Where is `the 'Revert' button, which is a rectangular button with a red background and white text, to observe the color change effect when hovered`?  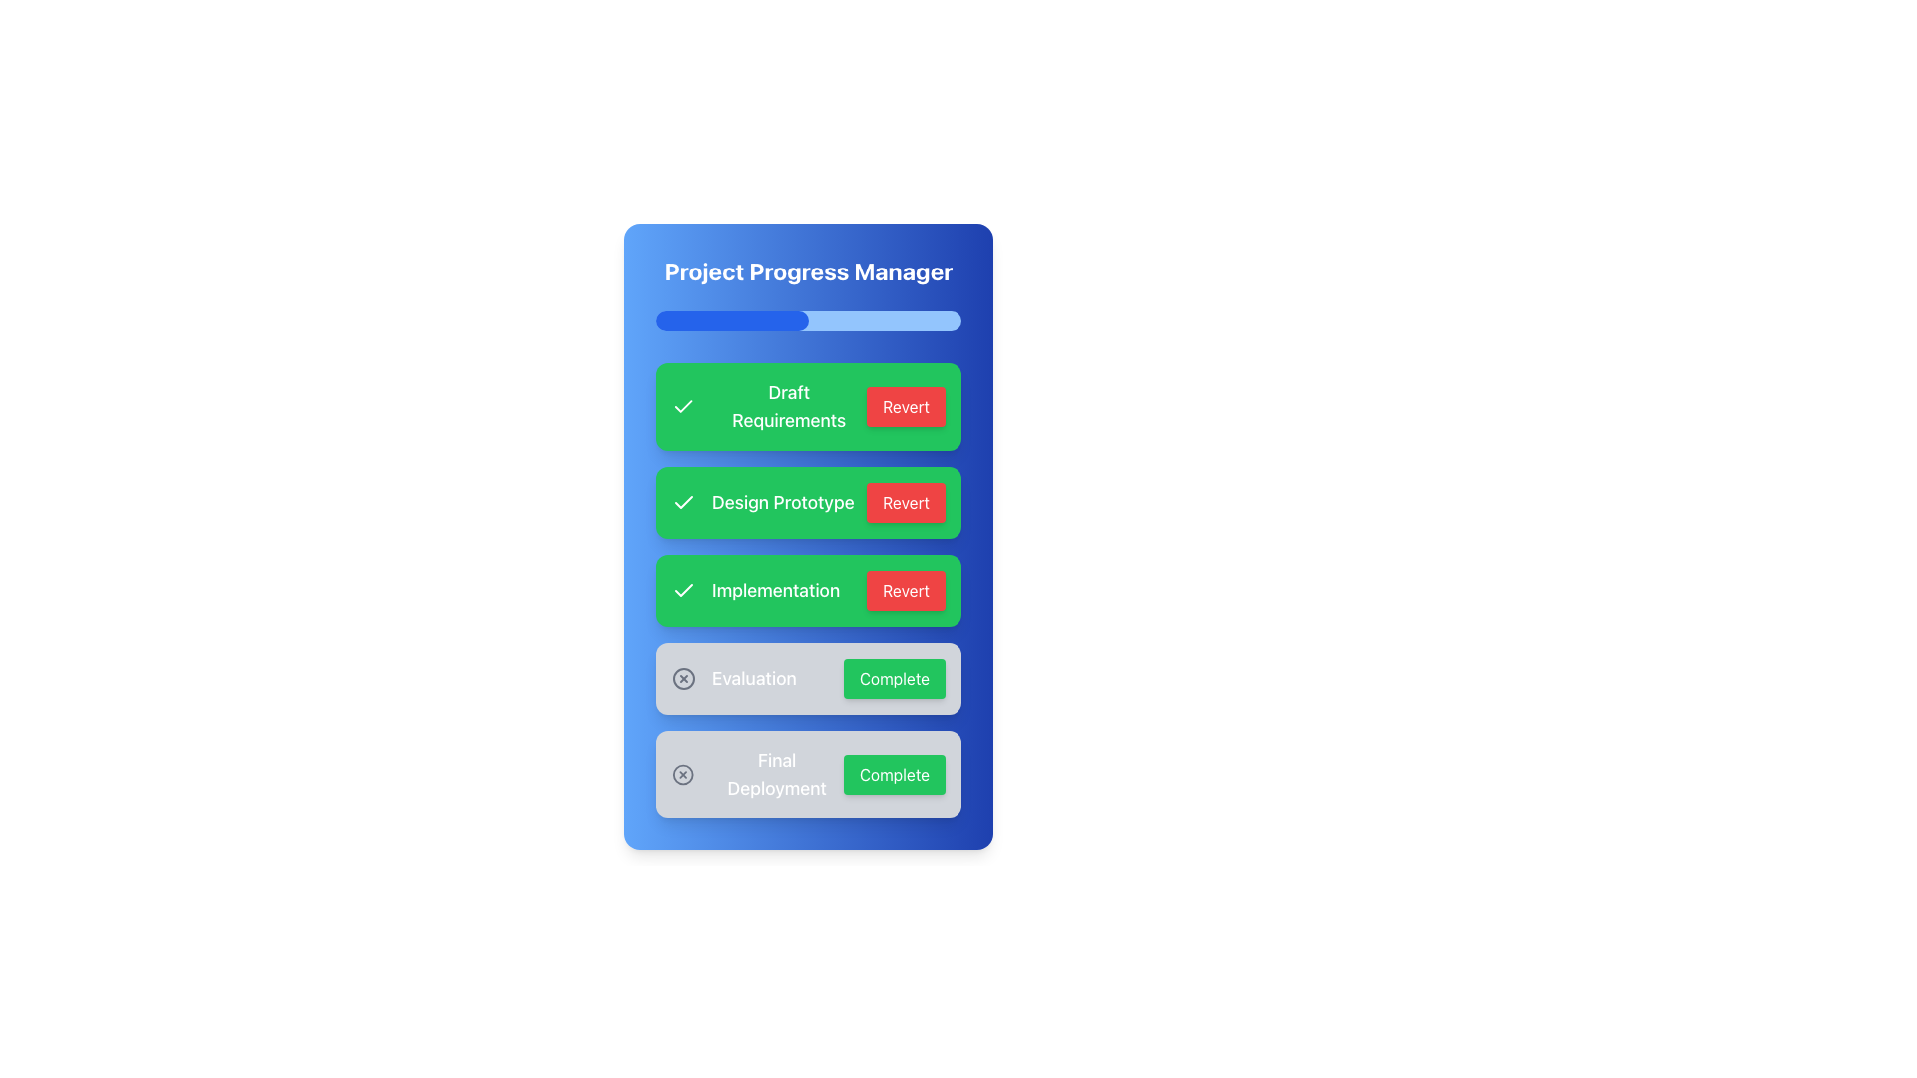
the 'Revert' button, which is a rectangular button with a red background and white text, to observe the color change effect when hovered is located at coordinates (905, 406).